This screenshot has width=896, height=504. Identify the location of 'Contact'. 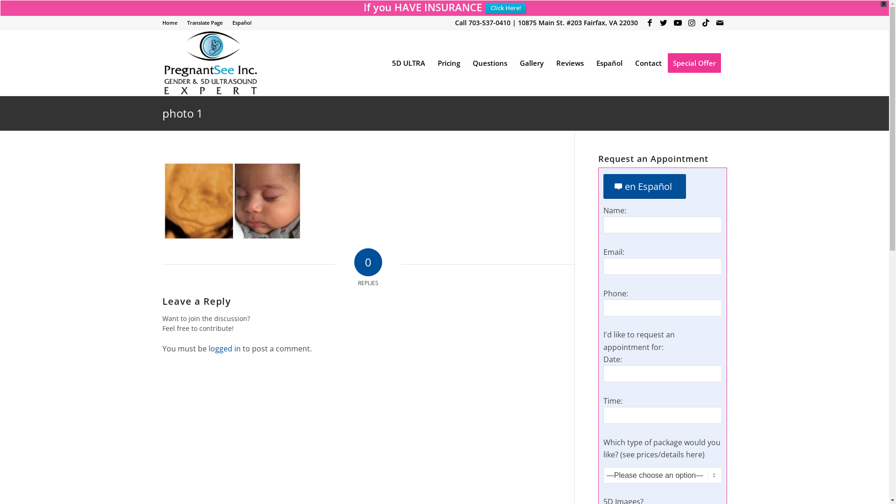
(647, 63).